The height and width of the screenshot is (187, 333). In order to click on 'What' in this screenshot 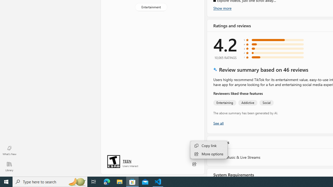, I will do `click(9, 150)`.